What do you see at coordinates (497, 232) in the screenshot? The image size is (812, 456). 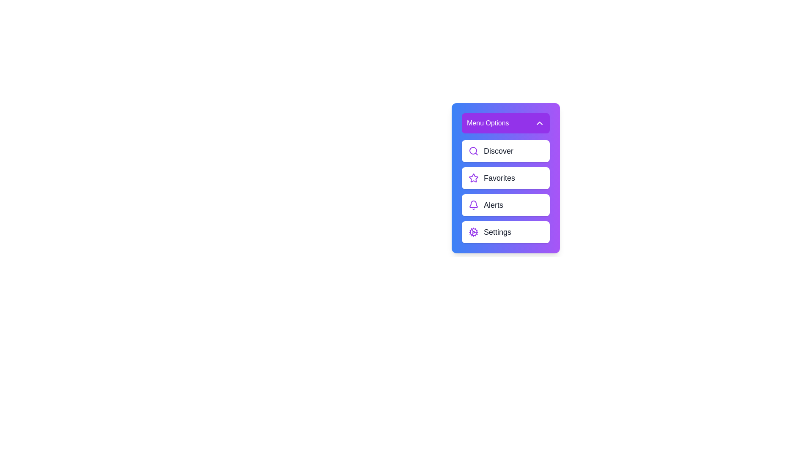 I see `the 'Settings' text label, which is the last option in the vertical menu, to trigger a tooltip or visual feedback` at bounding box center [497, 232].